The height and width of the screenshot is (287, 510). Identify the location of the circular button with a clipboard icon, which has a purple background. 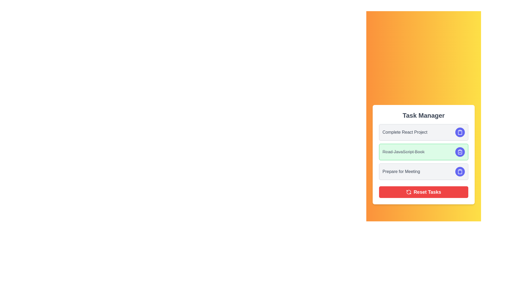
(460, 171).